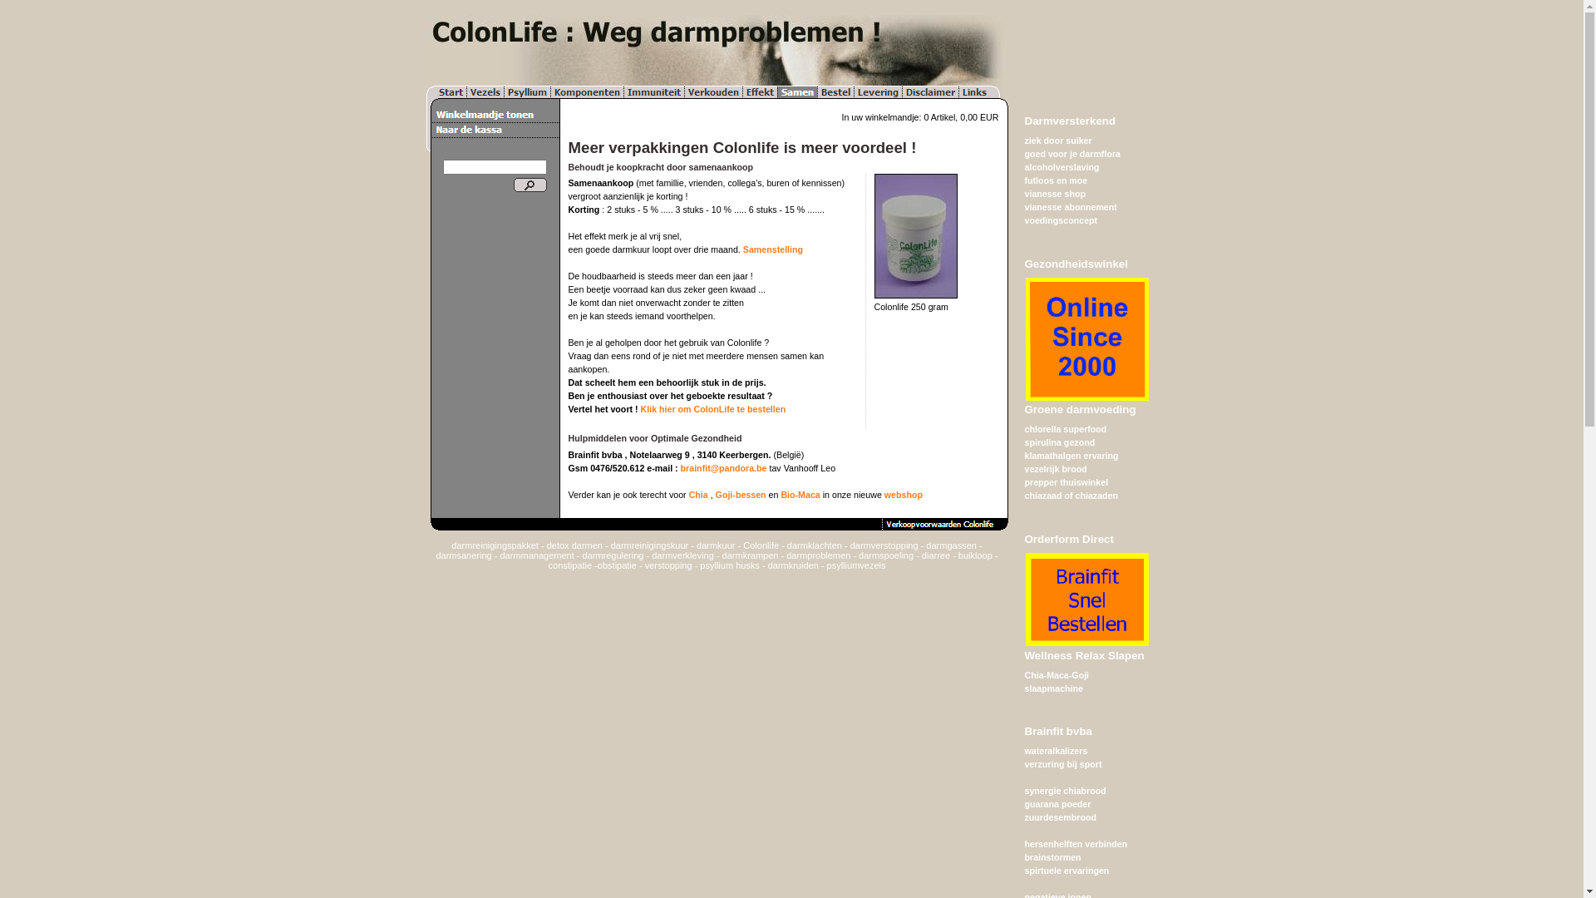  What do you see at coordinates (800, 493) in the screenshot?
I see `'Bio-Maca'` at bounding box center [800, 493].